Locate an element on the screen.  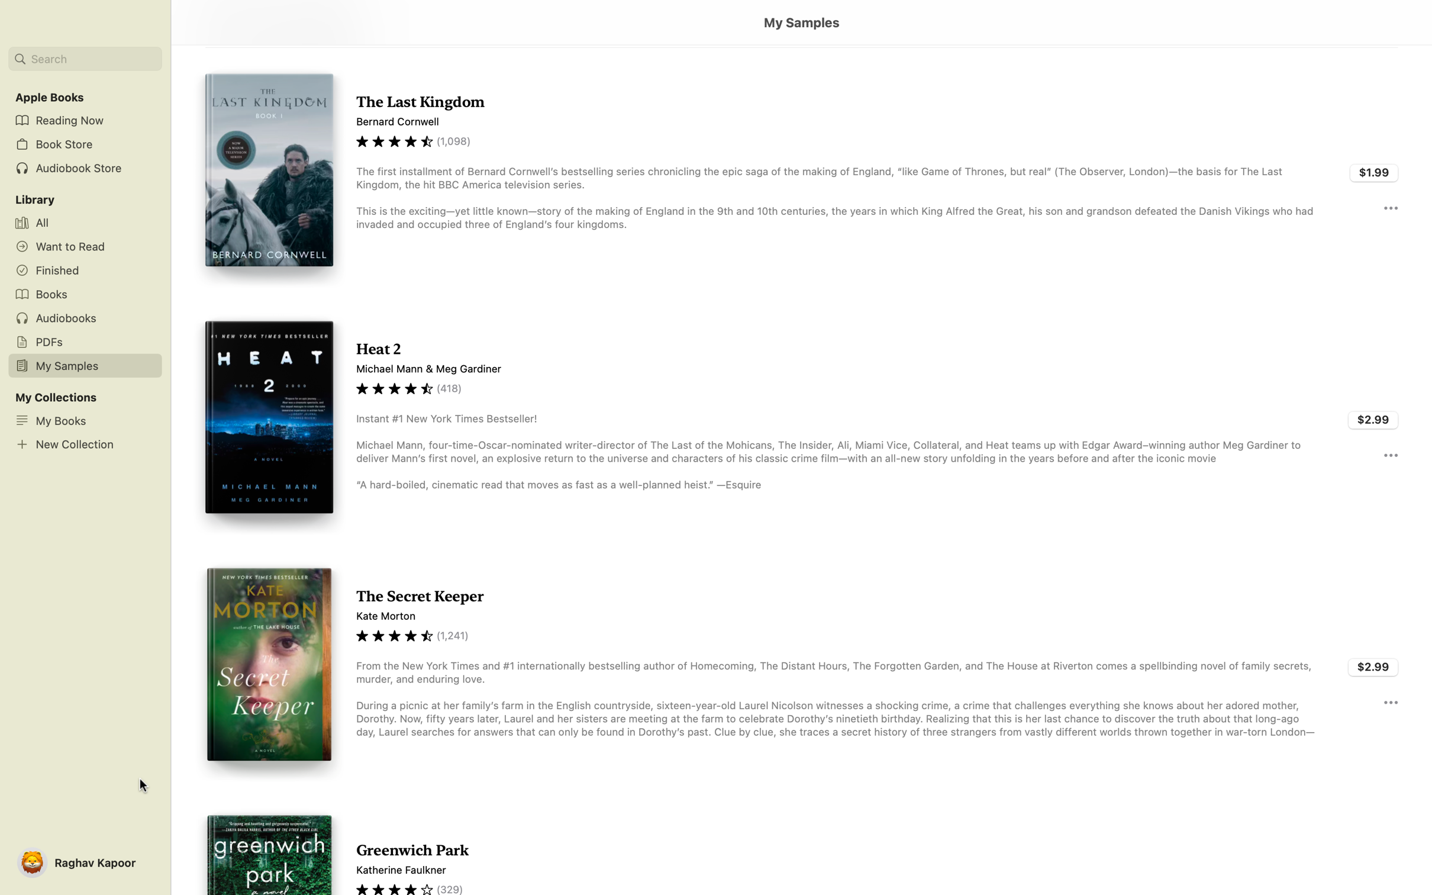
Carry out the instruction to display the "Greenwich Park" content is located at coordinates (801, 844).